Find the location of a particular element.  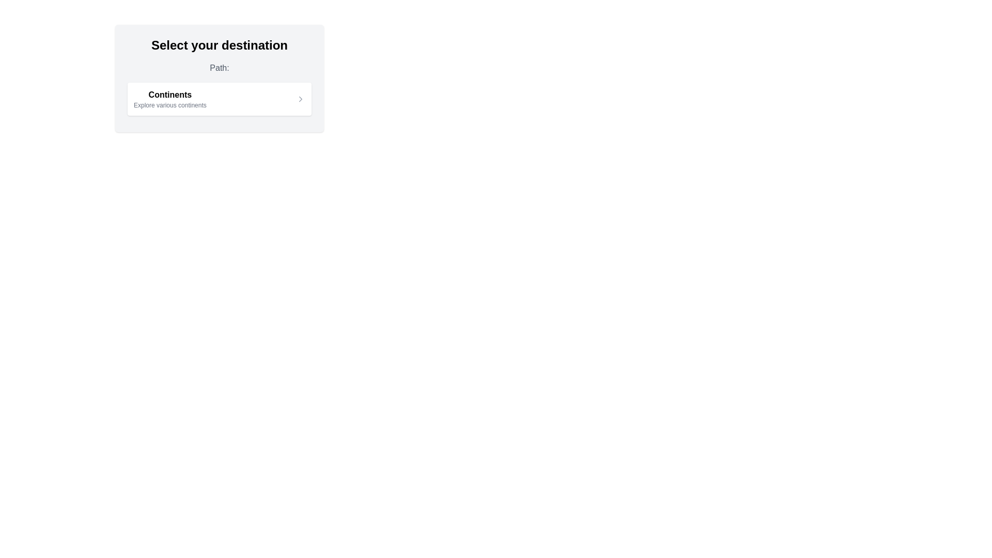

the text element that contains the phrase 'Explore various continents', which is styled with a small font size and gray color, located below the bold title 'Continents' within a white rectangular card is located at coordinates (170, 105).